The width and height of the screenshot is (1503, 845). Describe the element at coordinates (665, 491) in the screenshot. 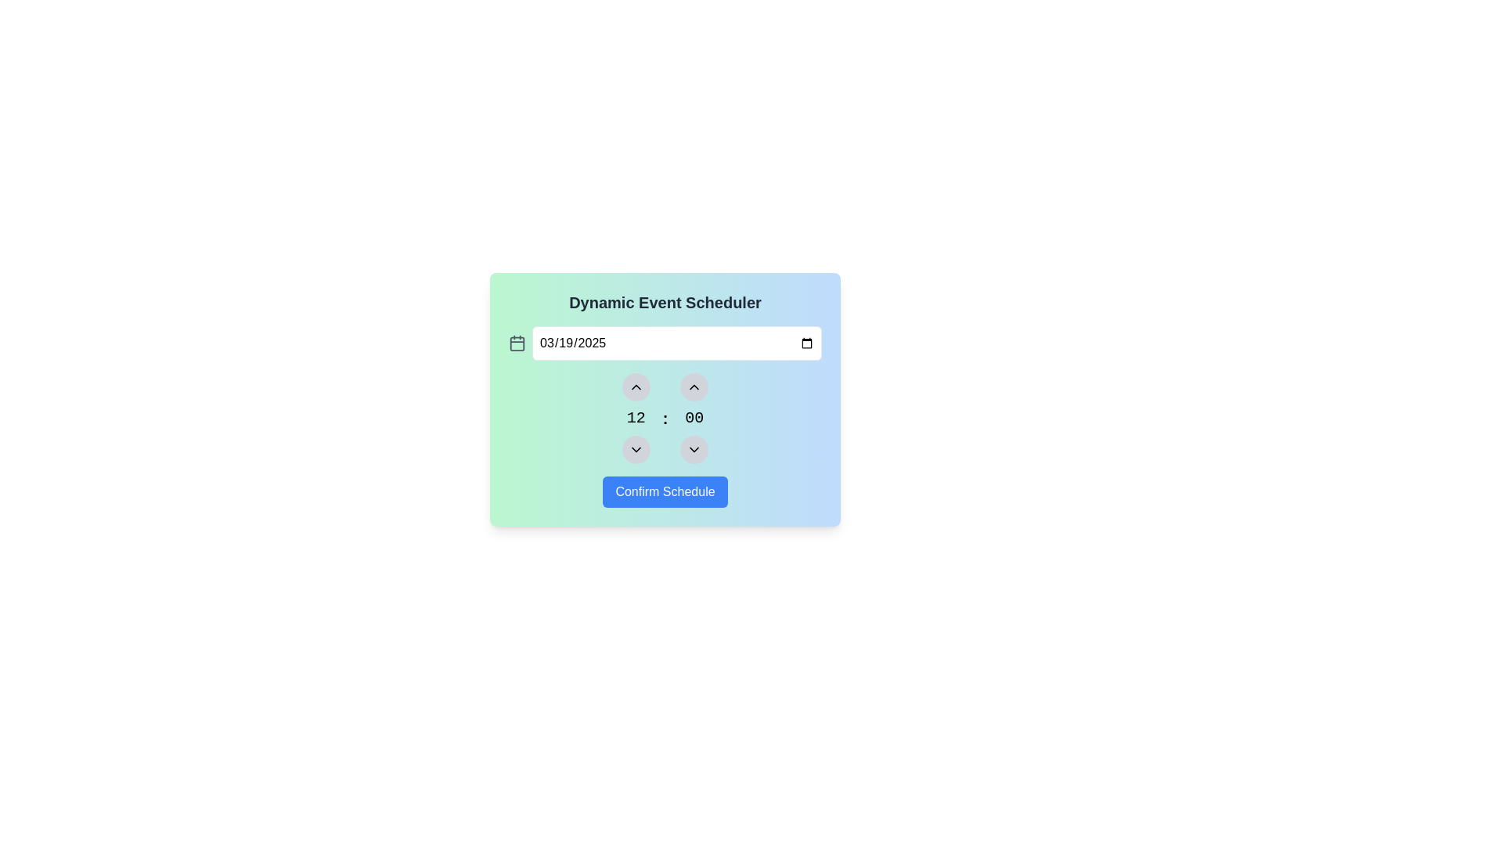

I see `the confirm button located at the bottom-center of the 'Dynamic Event Scheduler' card to confirm the scheduling action` at that location.